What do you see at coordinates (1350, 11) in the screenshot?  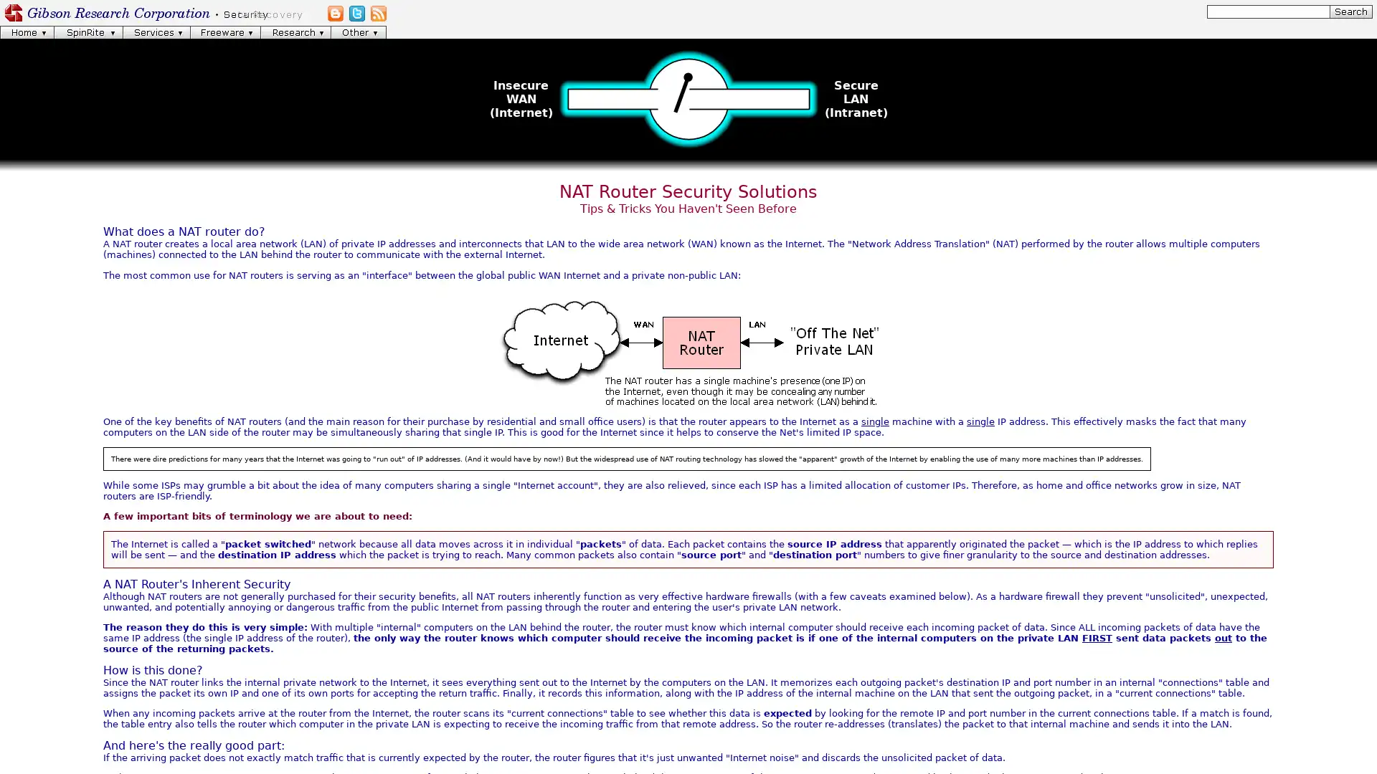 I see `[Search]` at bounding box center [1350, 11].